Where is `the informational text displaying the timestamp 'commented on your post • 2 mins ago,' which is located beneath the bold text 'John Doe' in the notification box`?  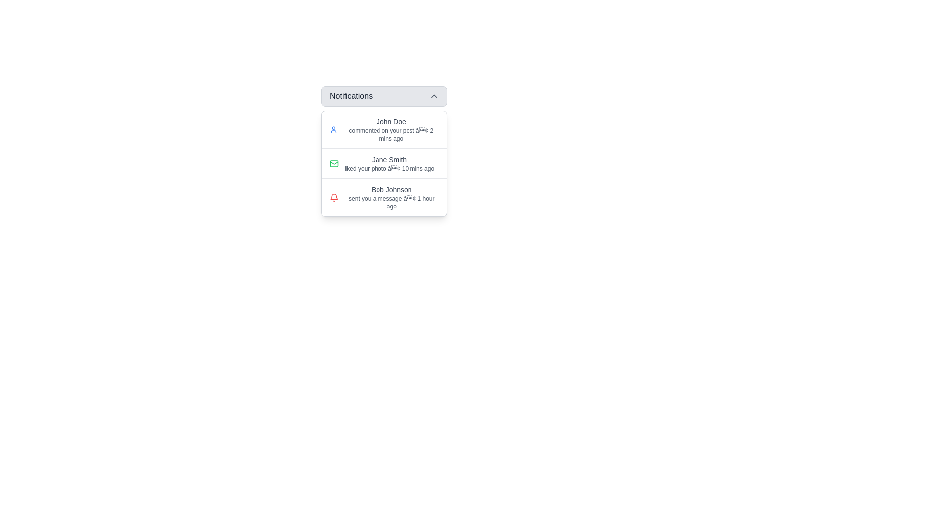 the informational text displaying the timestamp 'commented on your post • 2 mins ago,' which is located beneath the bold text 'John Doe' in the notification box is located at coordinates (390, 134).